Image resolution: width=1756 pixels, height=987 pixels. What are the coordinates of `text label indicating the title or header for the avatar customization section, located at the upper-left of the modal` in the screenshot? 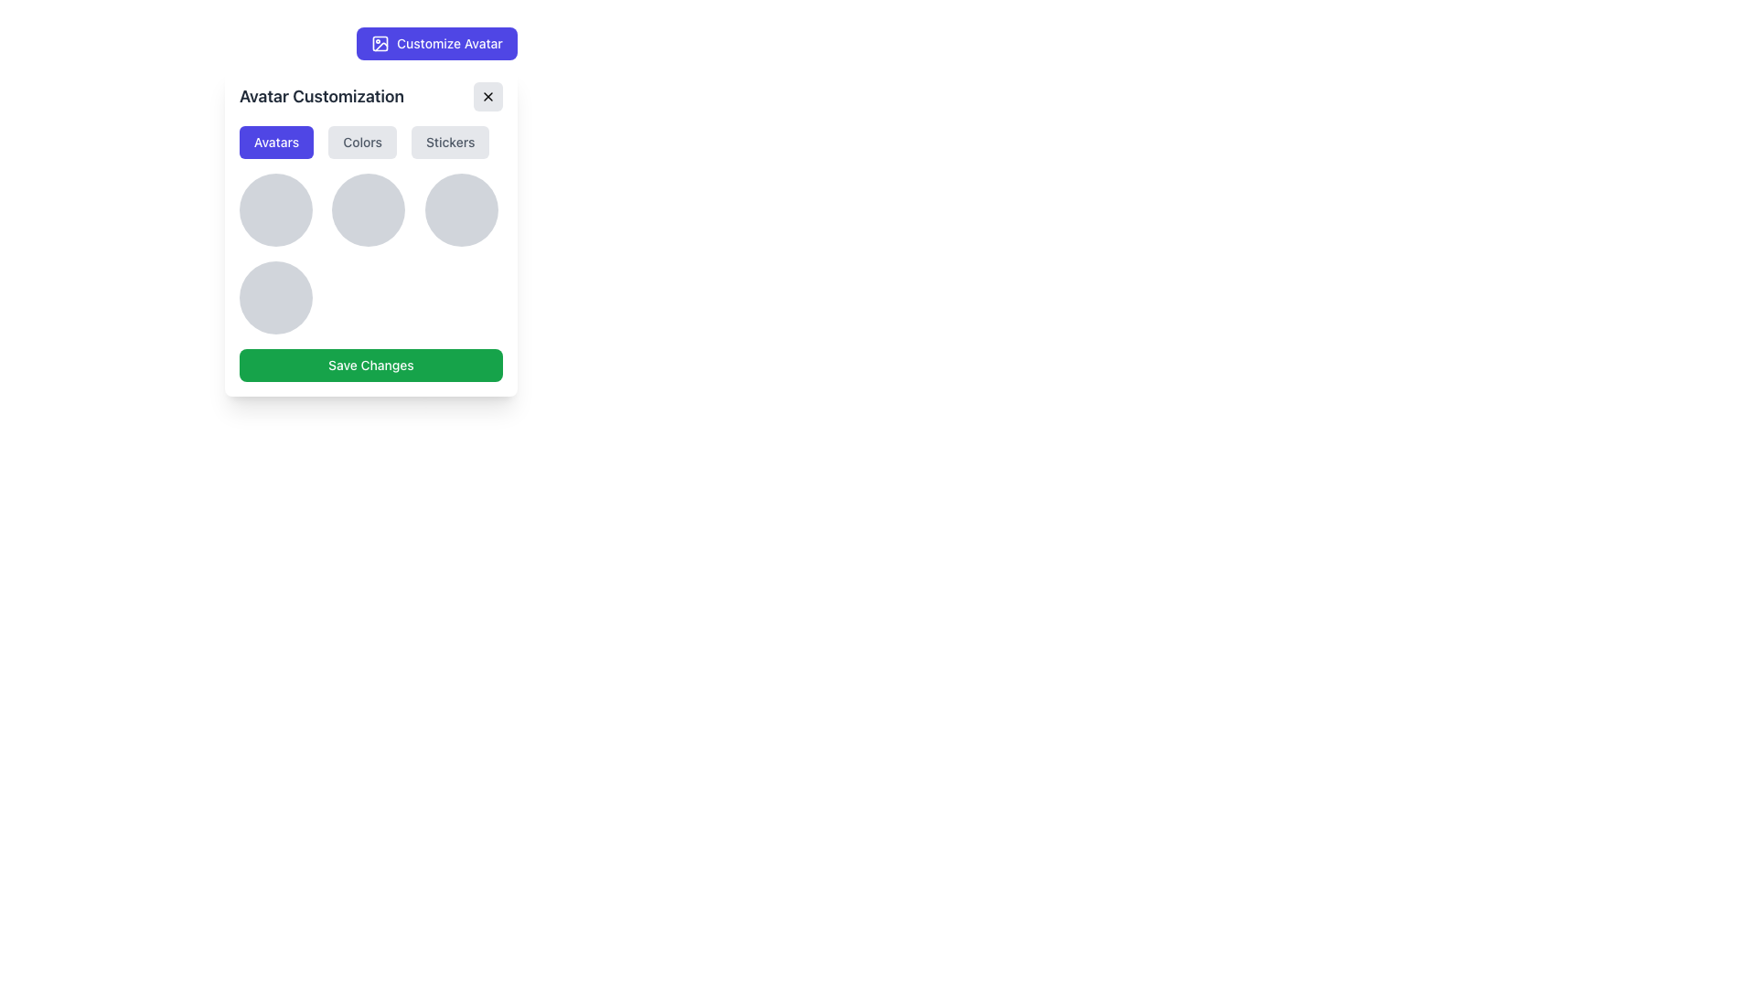 It's located at (321, 96).